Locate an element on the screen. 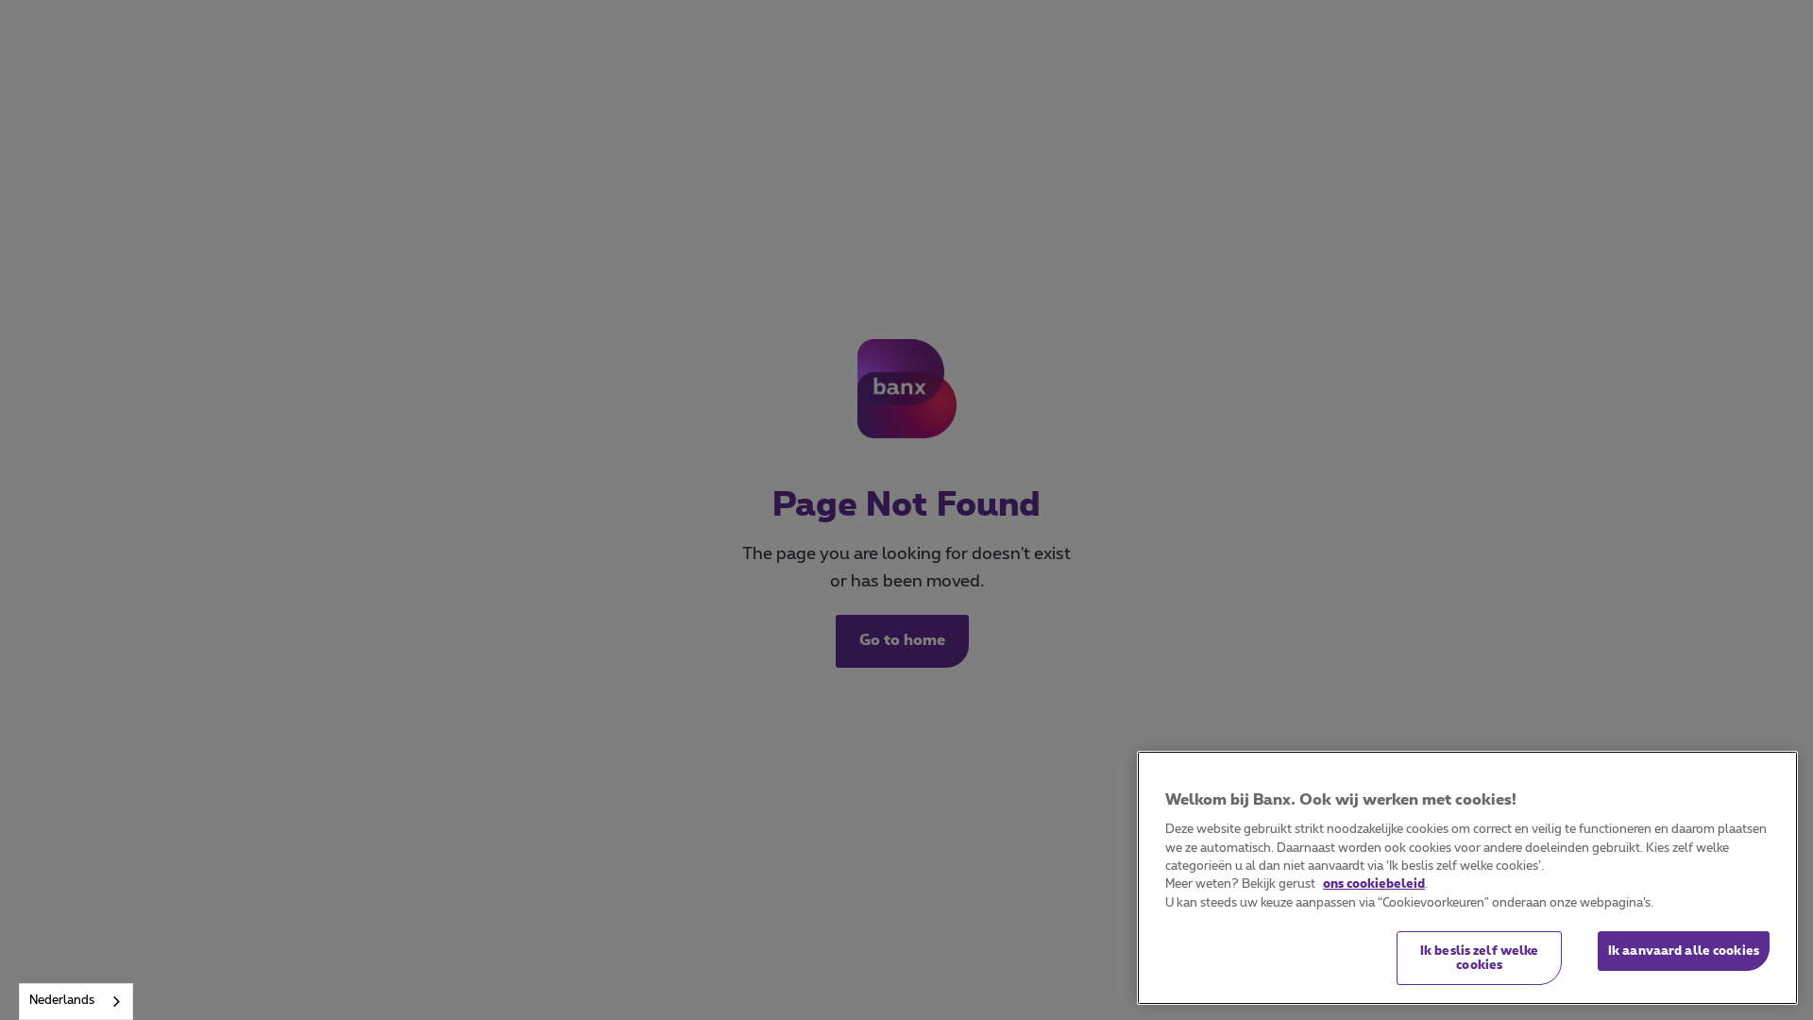 Image resolution: width=1813 pixels, height=1020 pixels. 'Go to home' is located at coordinates (900, 639).